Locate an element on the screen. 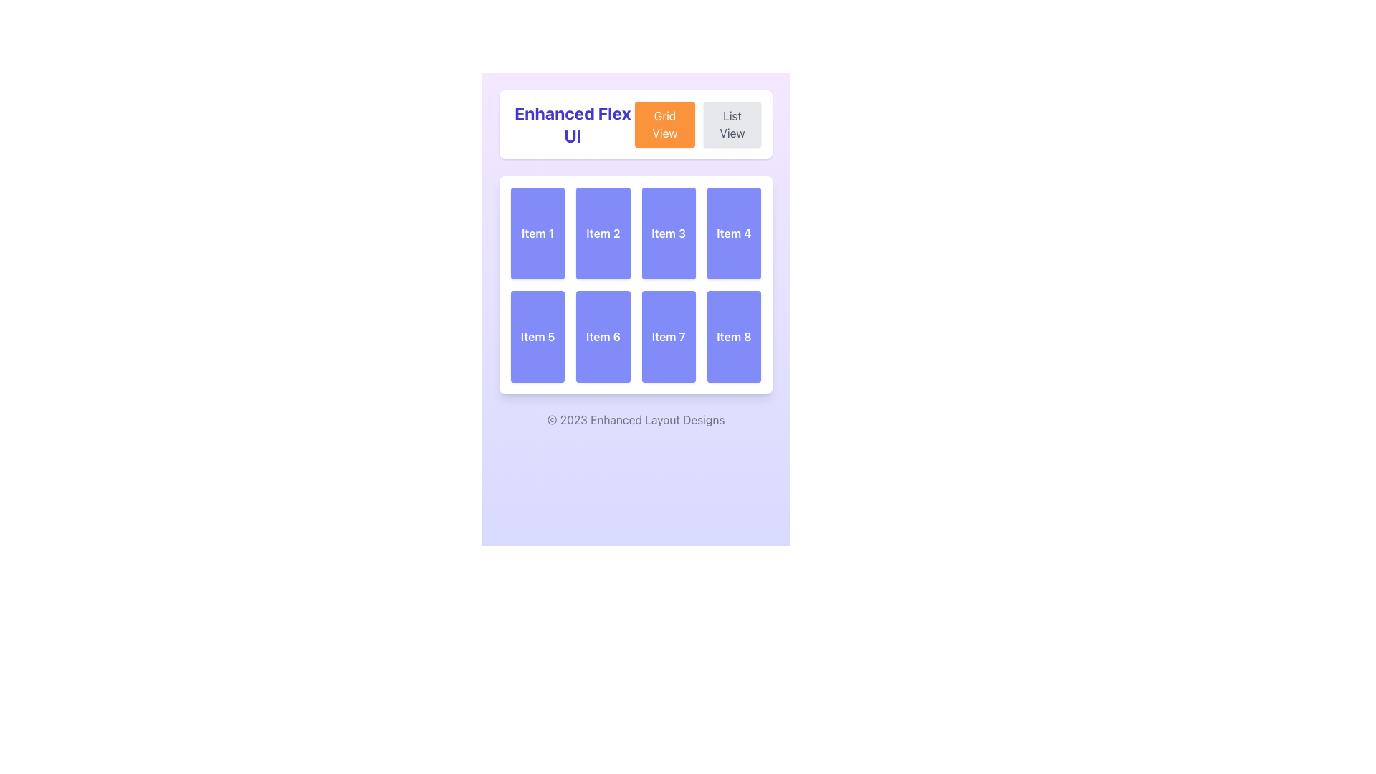 The height and width of the screenshot is (774, 1376). the static label with a blue background and white bold text reading 'Item 7', located in the second row, third column of the grid is located at coordinates (668, 337).